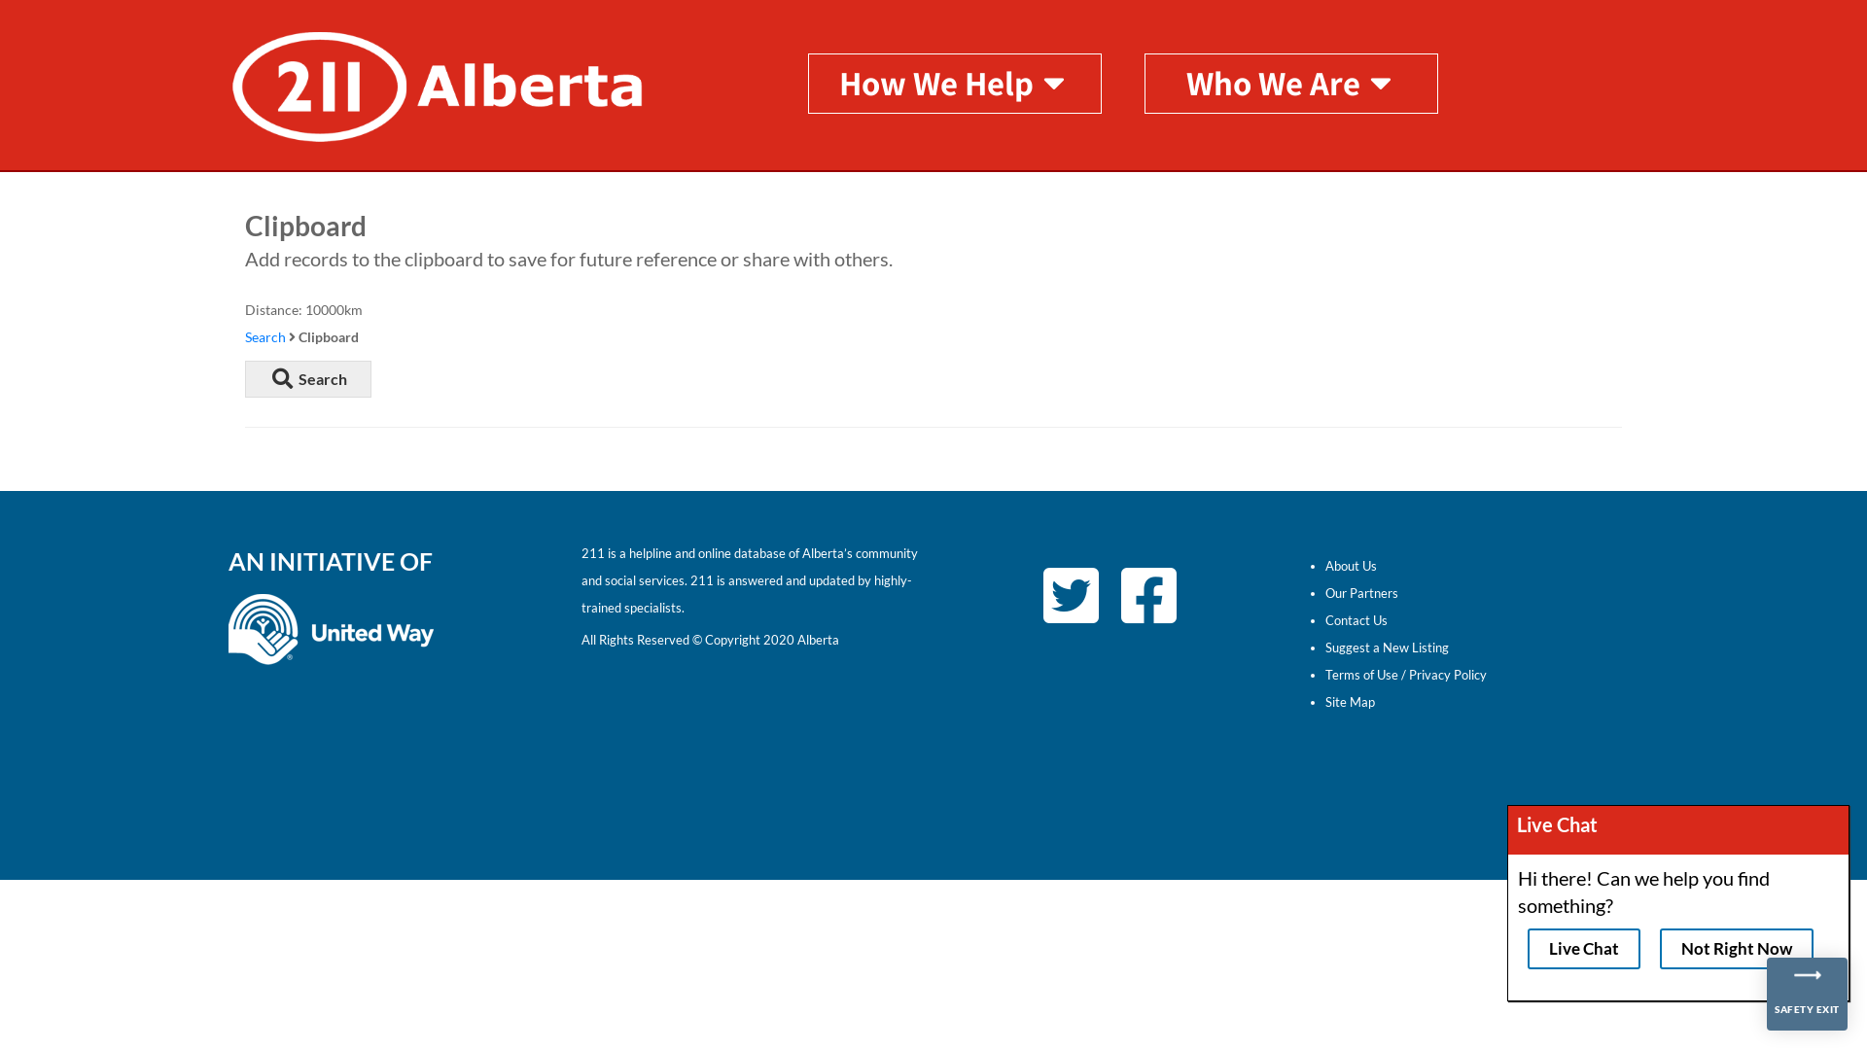 This screenshot has height=1050, width=1867. Describe the element at coordinates (1291, 81) in the screenshot. I see `'Who We Are'` at that location.